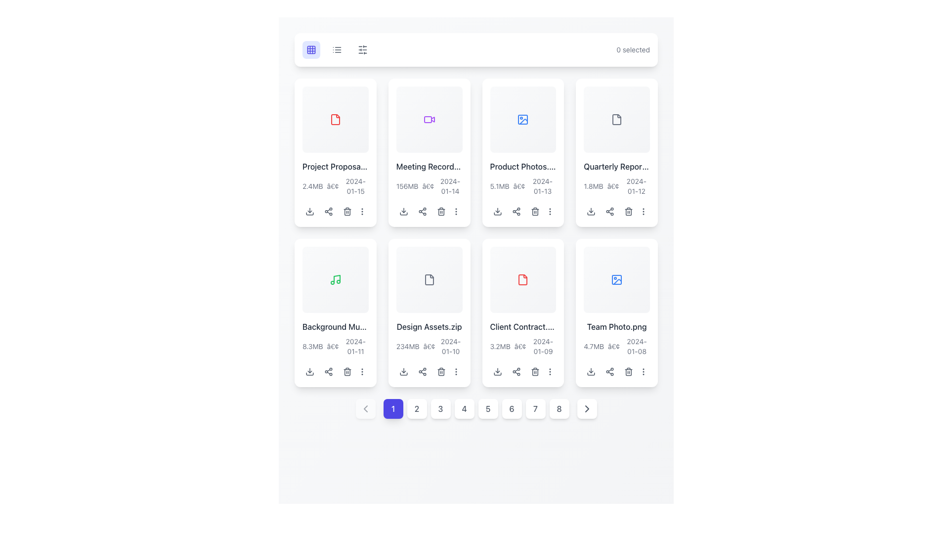 The width and height of the screenshot is (949, 534). Describe the element at coordinates (335, 186) in the screenshot. I see `the informational text label that provides metadata about the file 'Project Proposal.pdf', located below the main title in the card` at that location.